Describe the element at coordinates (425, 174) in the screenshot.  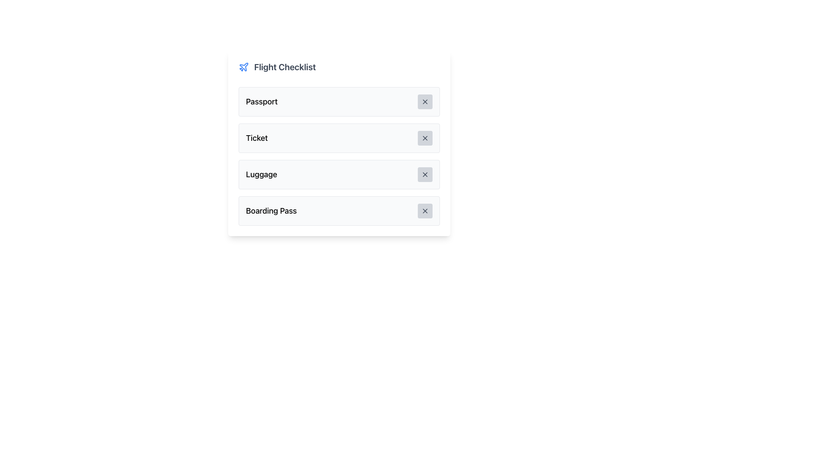
I see `the icon button on the right-hand side of the third checklist item labeled 'Luggage'` at that location.